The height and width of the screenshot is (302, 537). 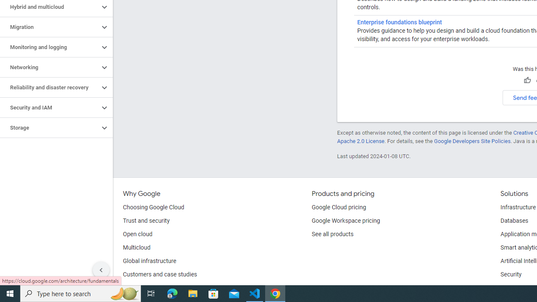 What do you see at coordinates (154, 208) in the screenshot?
I see `'Choosing Google Cloud'` at bounding box center [154, 208].